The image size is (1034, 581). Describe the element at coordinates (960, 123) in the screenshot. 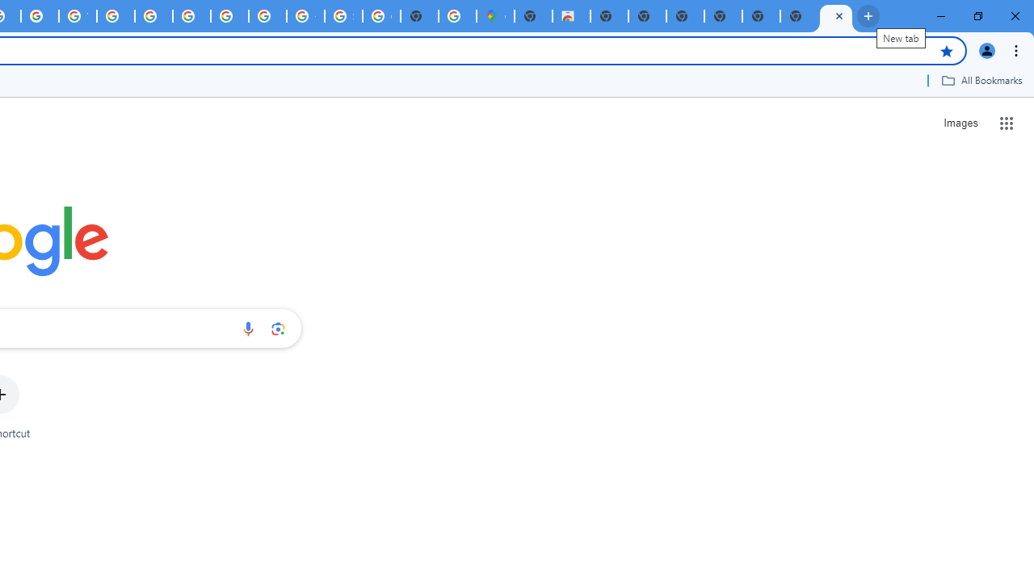

I see `'Search for Images '` at that location.